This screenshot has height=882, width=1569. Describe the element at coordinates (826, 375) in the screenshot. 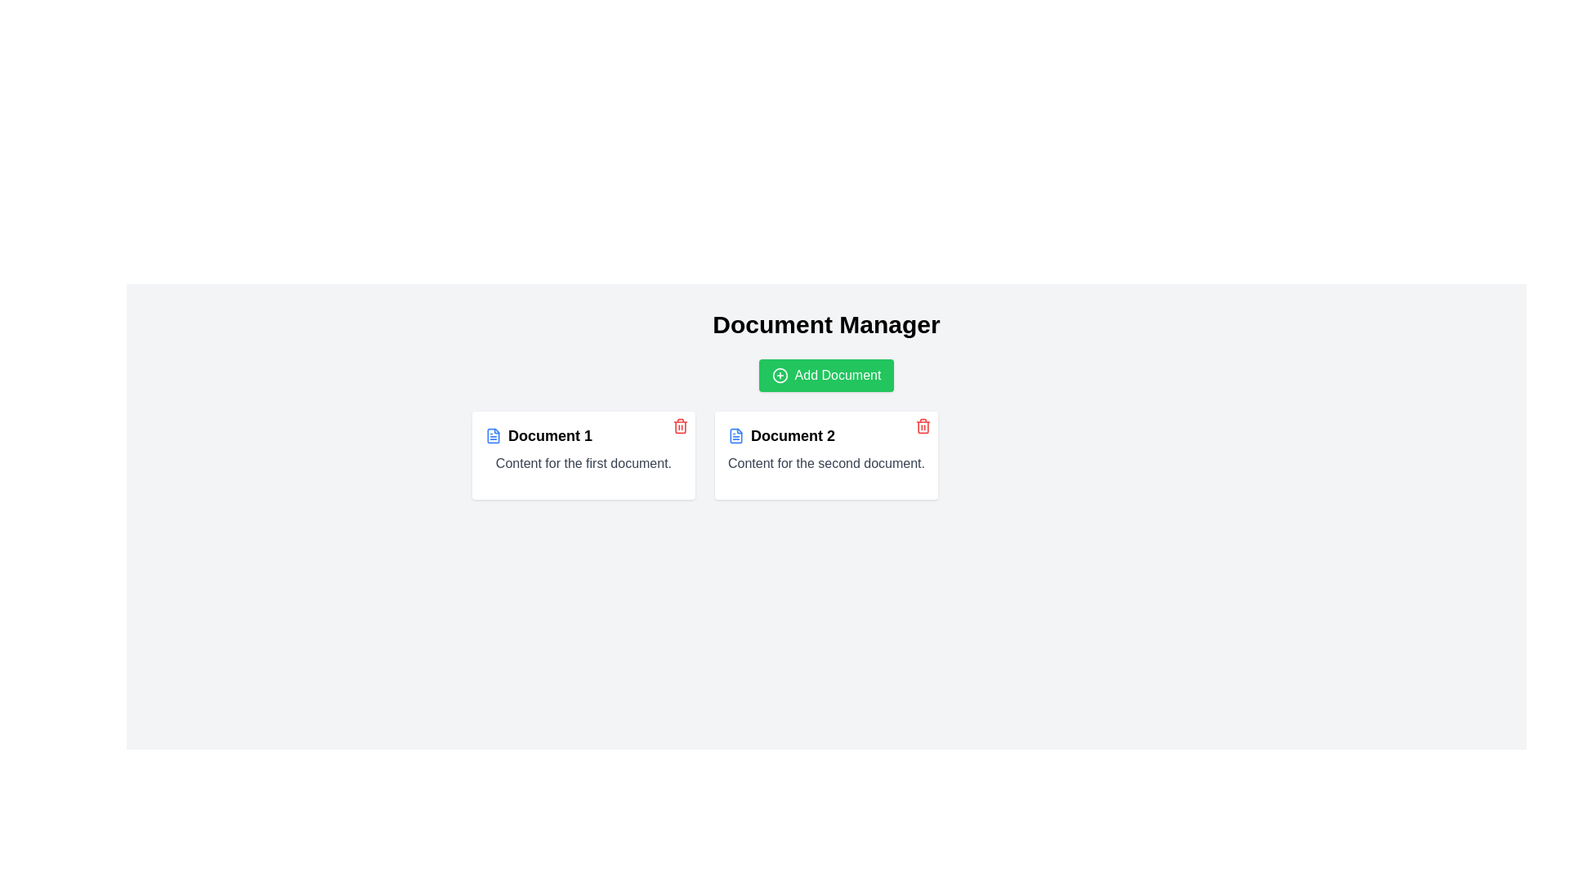

I see `the 'Add Document' button located below the 'Document Manager' title` at that location.